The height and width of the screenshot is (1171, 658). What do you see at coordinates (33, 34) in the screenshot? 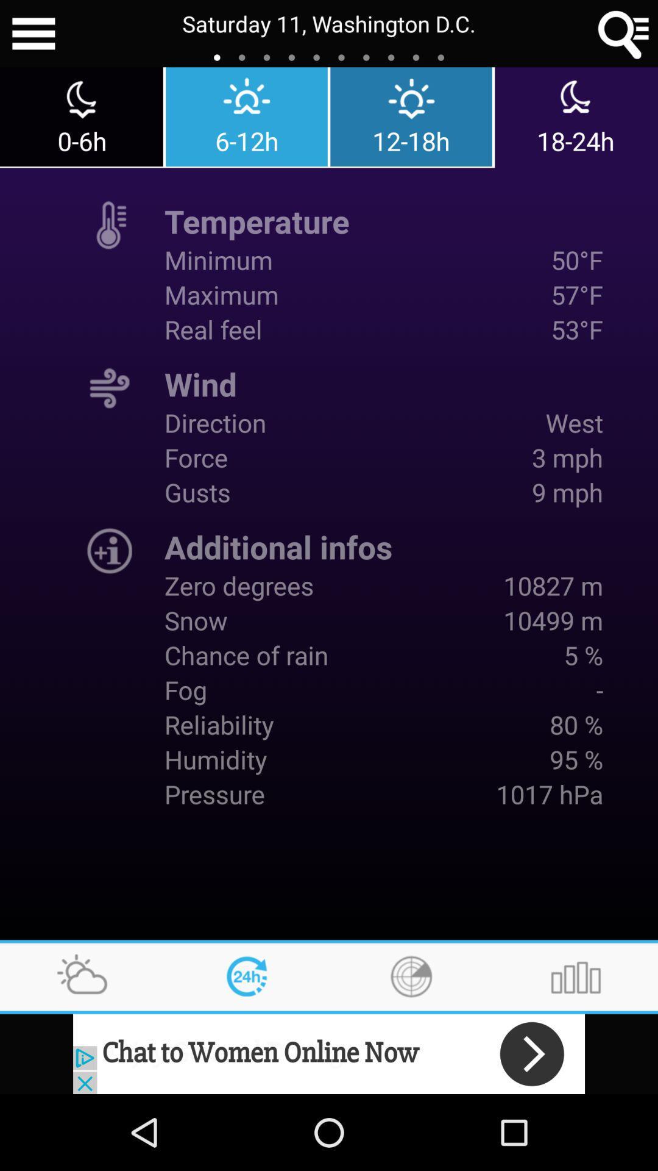
I see `click menu option` at bounding box center [33, 34].